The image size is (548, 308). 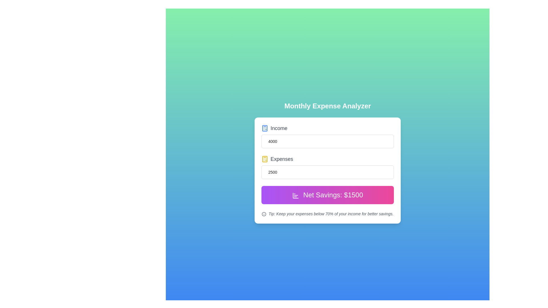 What do you see at coordinates (327, 167) in the screenshot?
I see `the Numeric Input Field displaying the numeric value '2500' to focus on it` at bounding box center [327, 167].